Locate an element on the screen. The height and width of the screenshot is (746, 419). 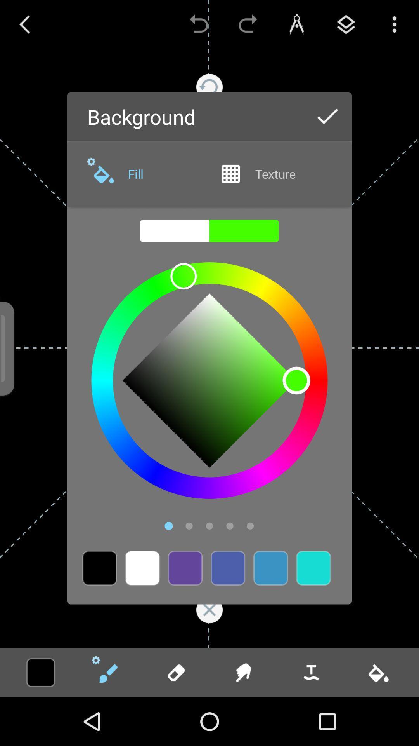
the font icon is located at coordinates (296, 24).